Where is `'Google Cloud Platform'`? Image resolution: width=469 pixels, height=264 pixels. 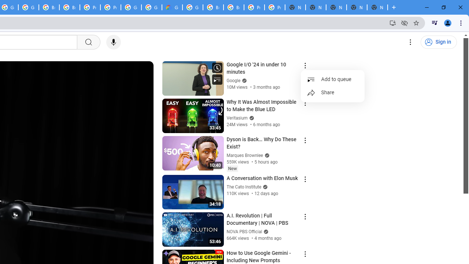 'Google Cloud Platform' is located at coordinates (193, 7).